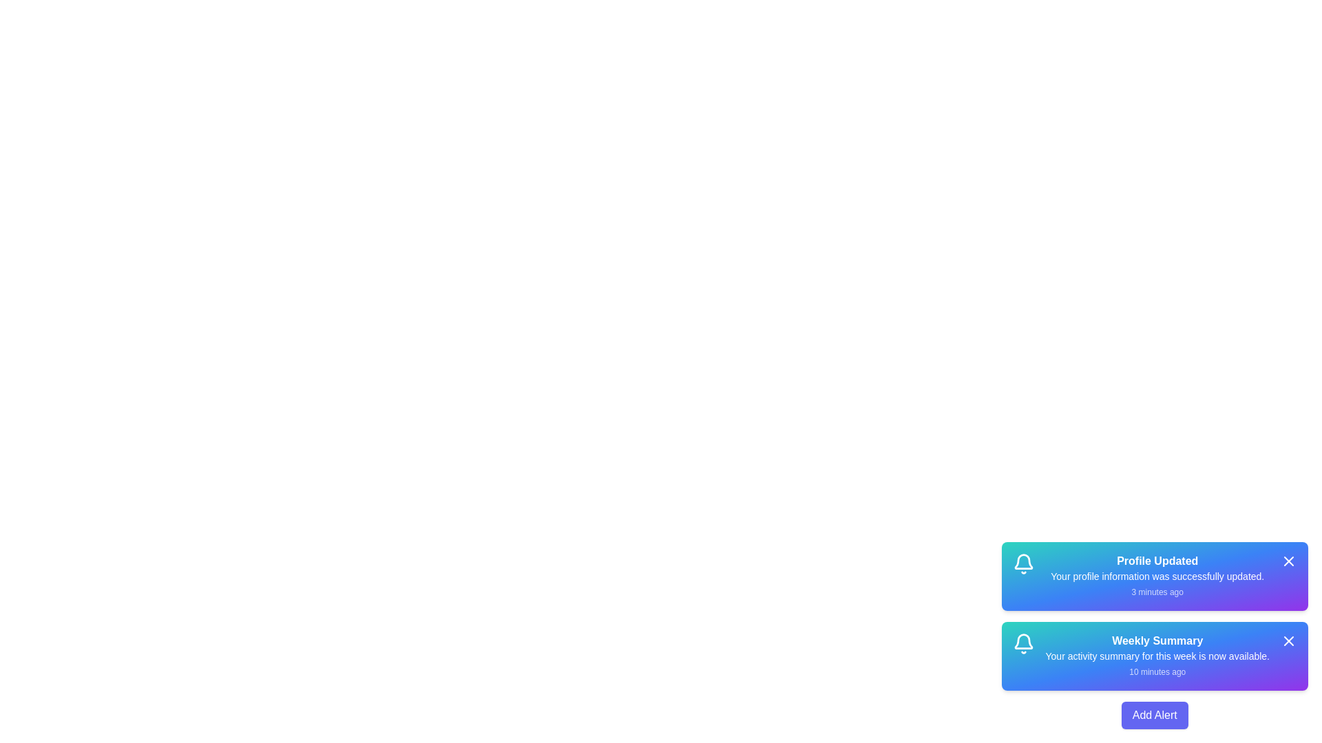  What do you see at coordinates (1288, 561) in the screenshot?
I see `the close button of the alert titled 'Profile Updated' to remove it` at bounding box center [1288, 561].